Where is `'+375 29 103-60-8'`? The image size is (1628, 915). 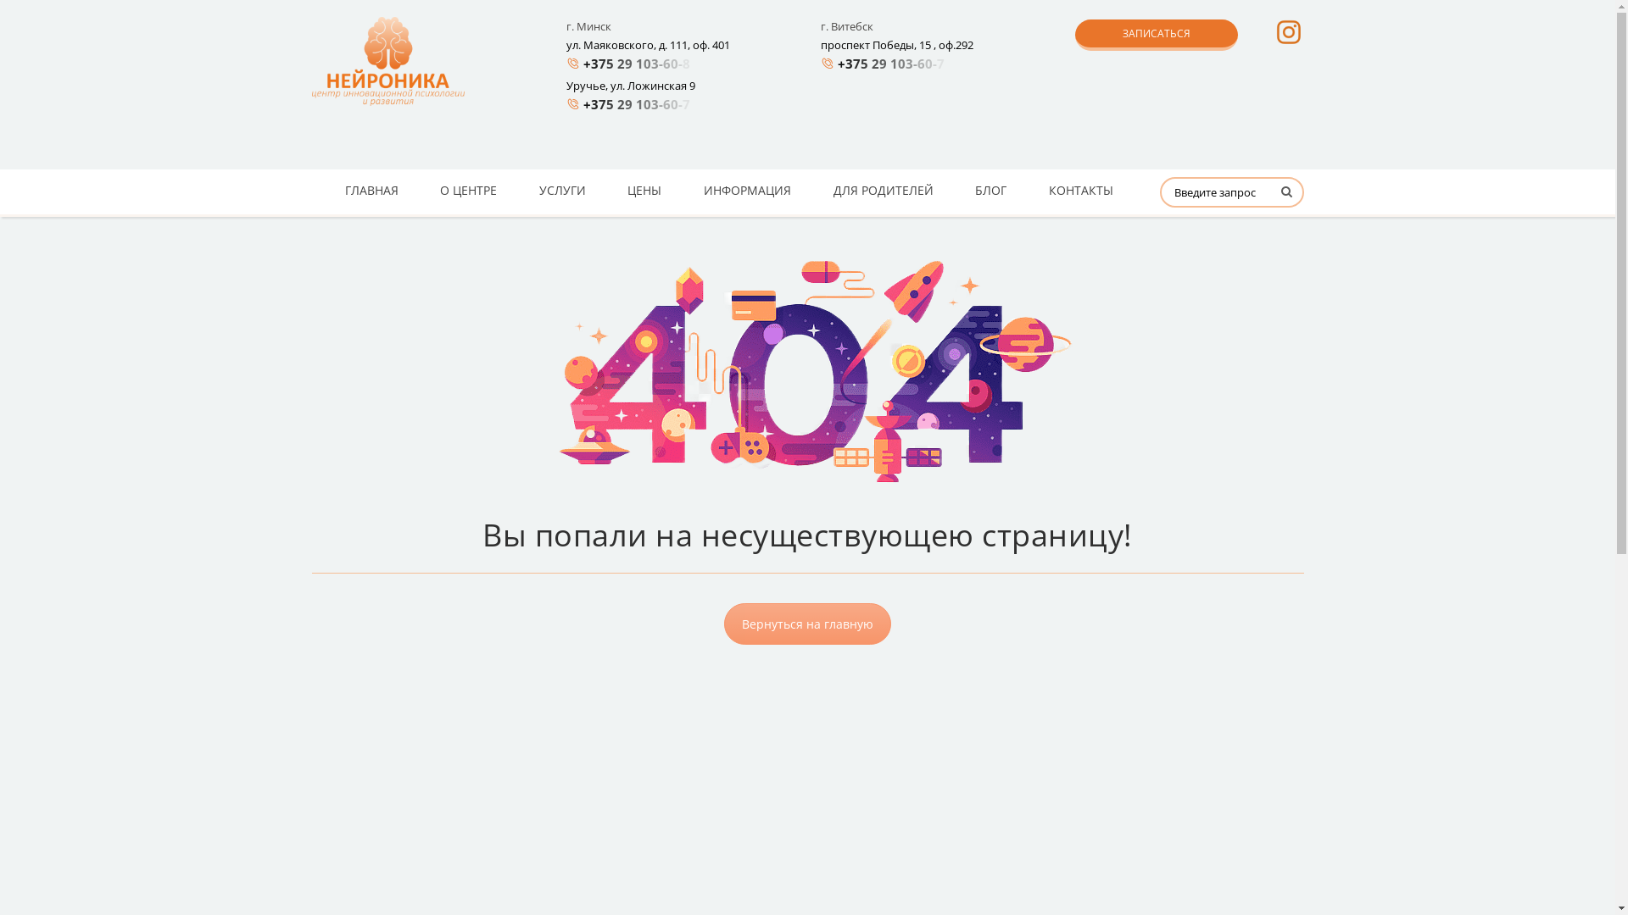 '+375 29 103-60-8' is located at coordinates (639, 62).